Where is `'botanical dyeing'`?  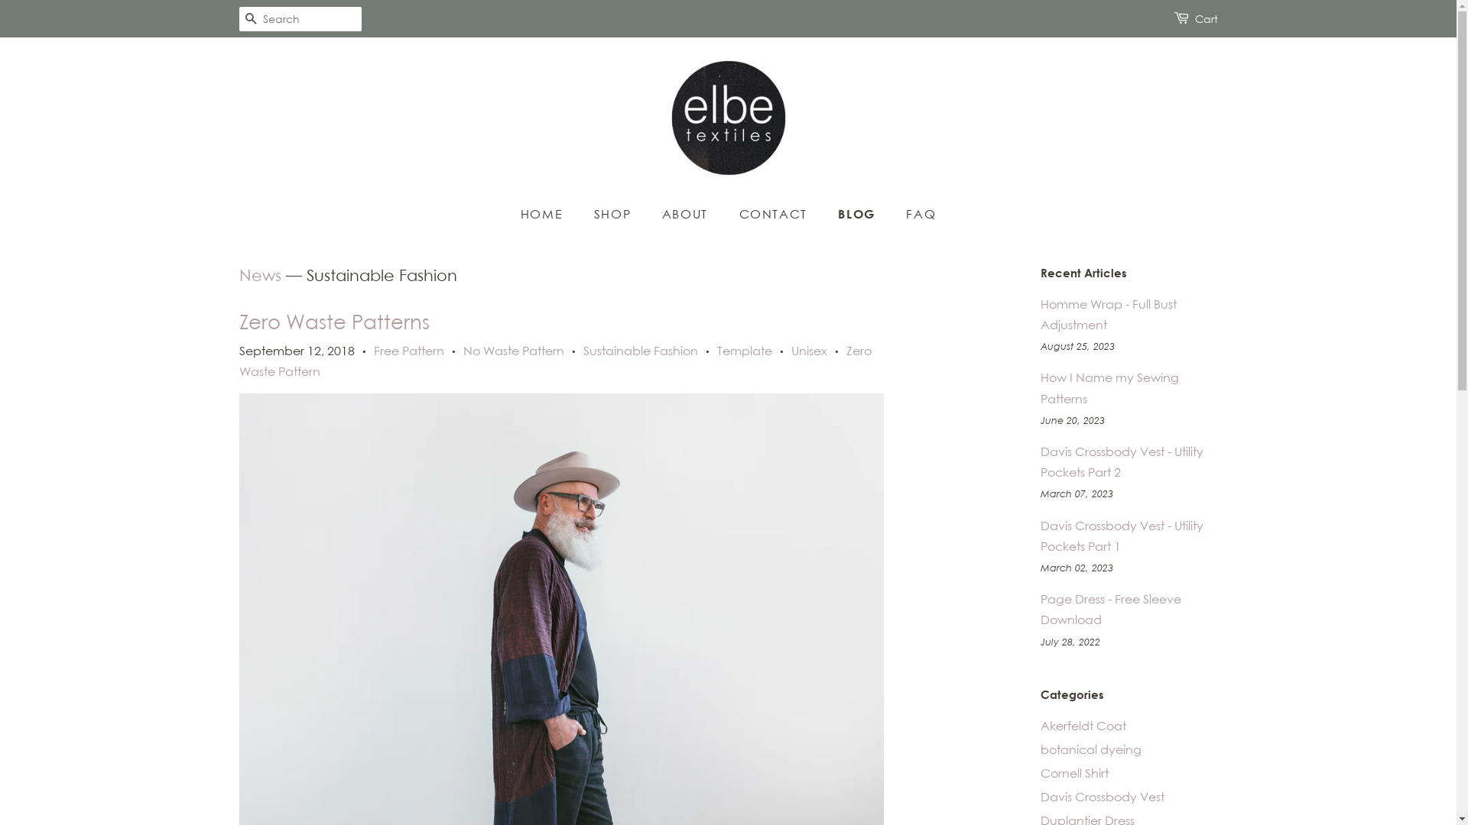
'botanical dyeing' is located at coordinates (1089, 748).